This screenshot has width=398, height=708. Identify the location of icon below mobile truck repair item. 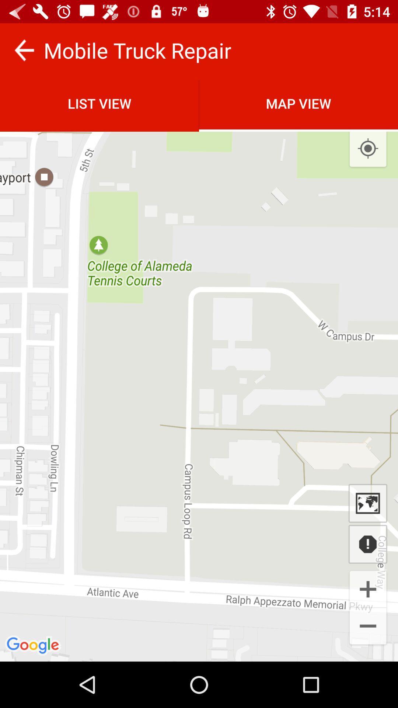
(298, 103).